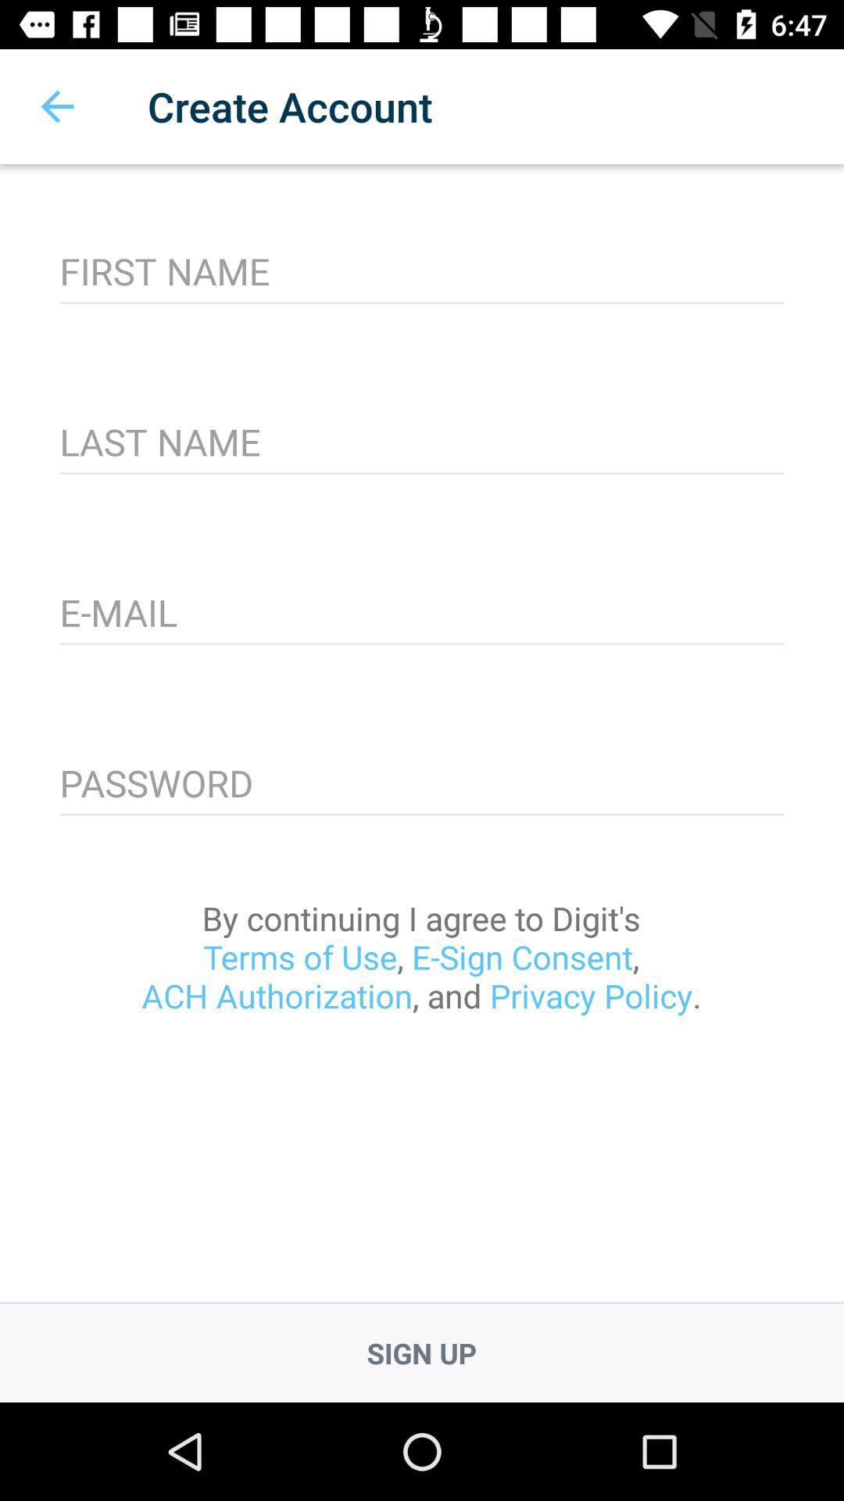 This screenshot has width=844, height=1501. Describe the element at coordinates (422, 1352) in the screenshot. I see `sign up icon` at that location.